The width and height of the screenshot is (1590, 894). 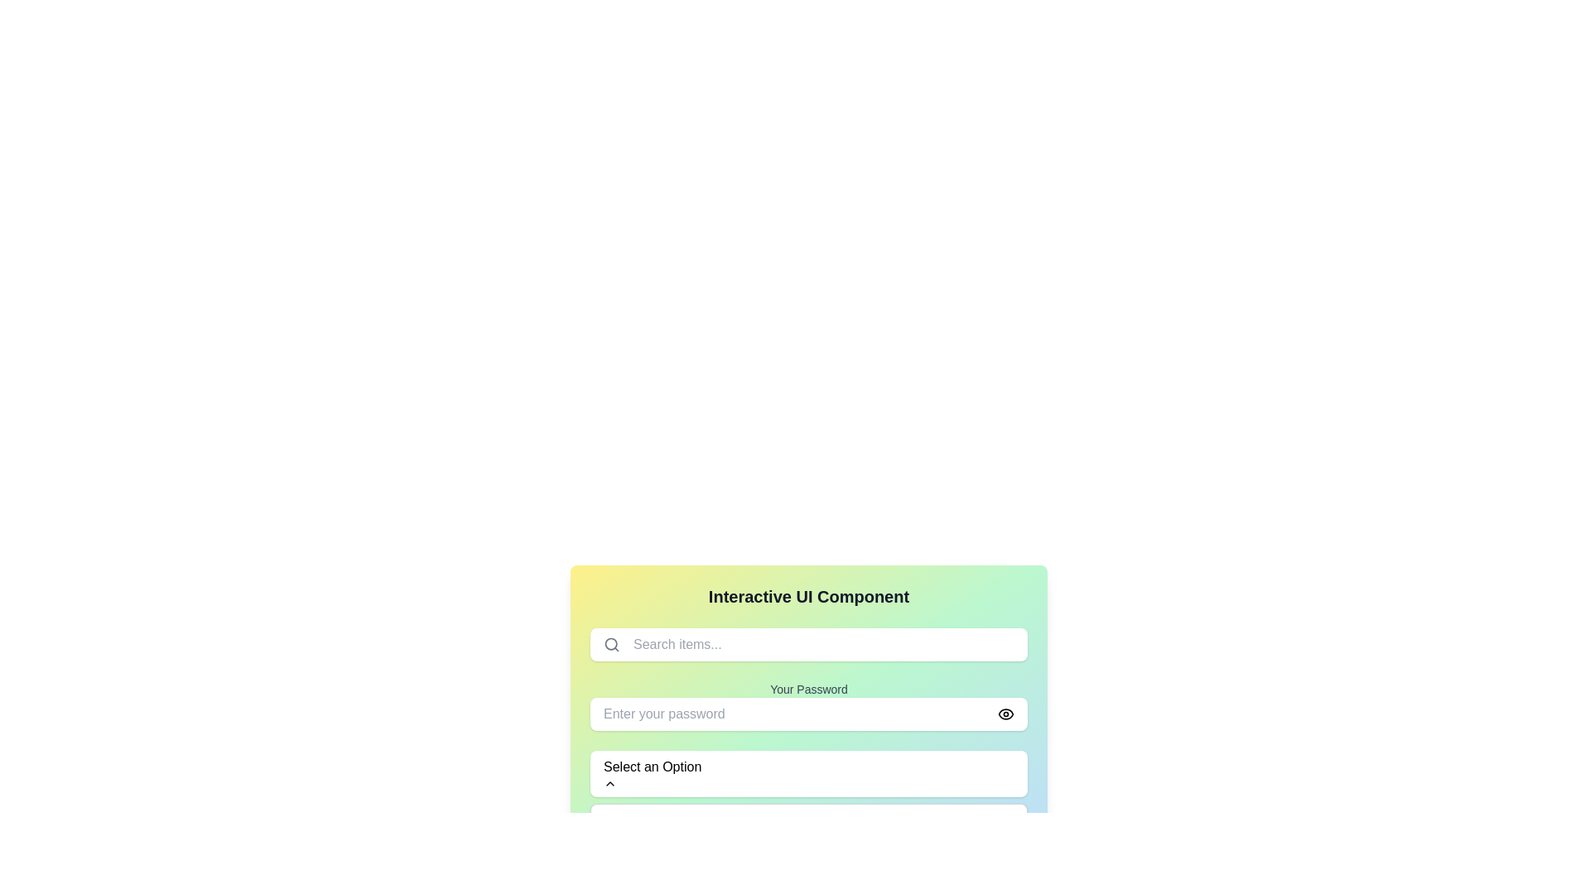 I want to click on the circular icon of the magnifying glass located to the left of the 'Search items...' text input field, so click(x=610, y=643).